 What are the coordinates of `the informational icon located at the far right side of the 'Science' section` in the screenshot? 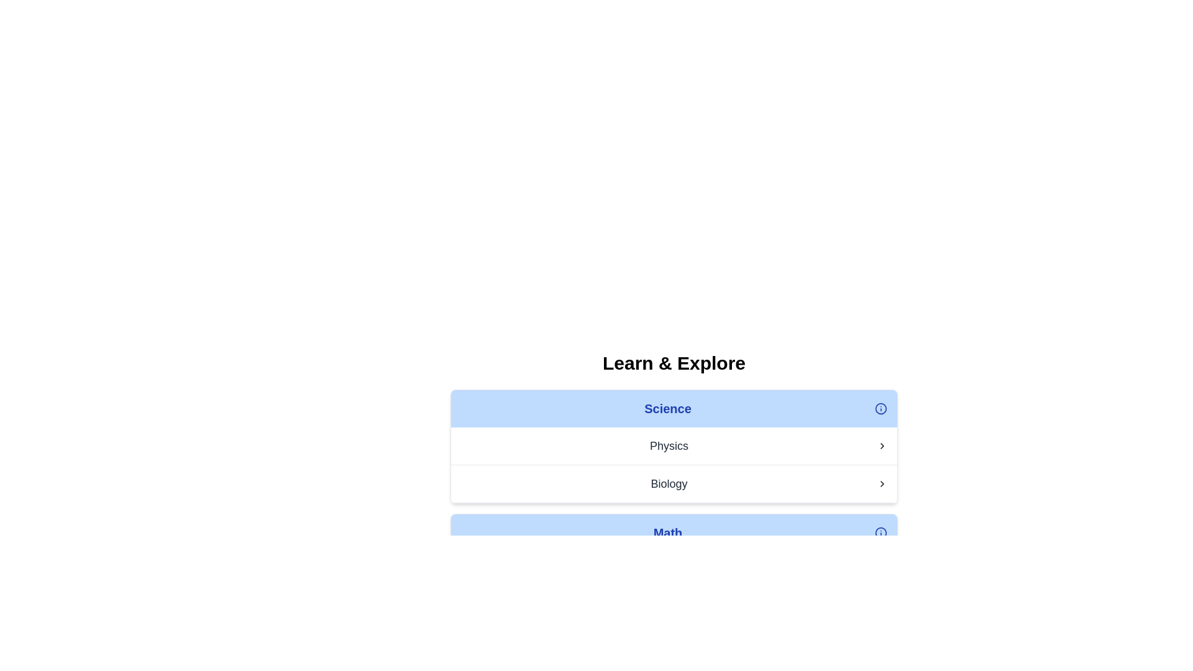 It's located at (880, 409).